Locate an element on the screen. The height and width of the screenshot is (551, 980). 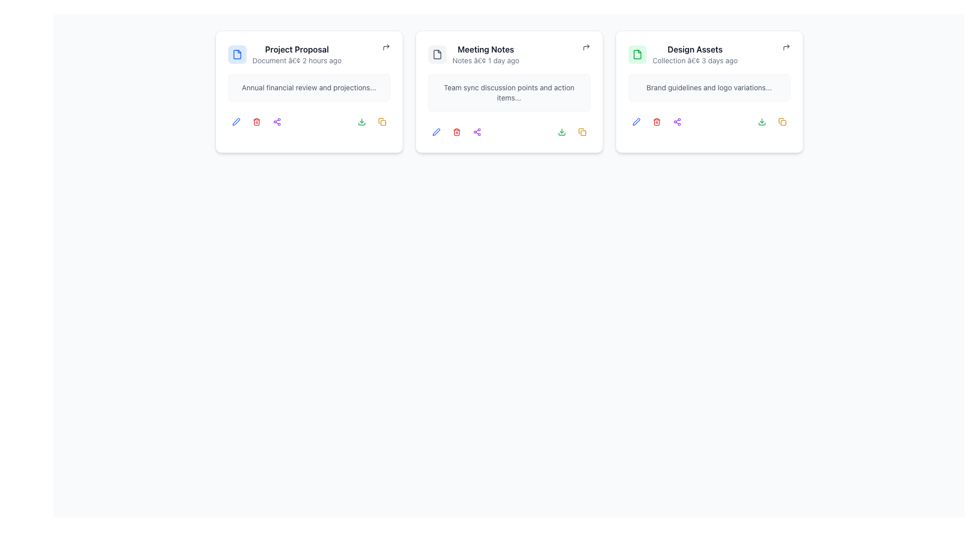
the delete button located in the footer section of the 'Meeting Notes' card is located at coordinates (456, 131).